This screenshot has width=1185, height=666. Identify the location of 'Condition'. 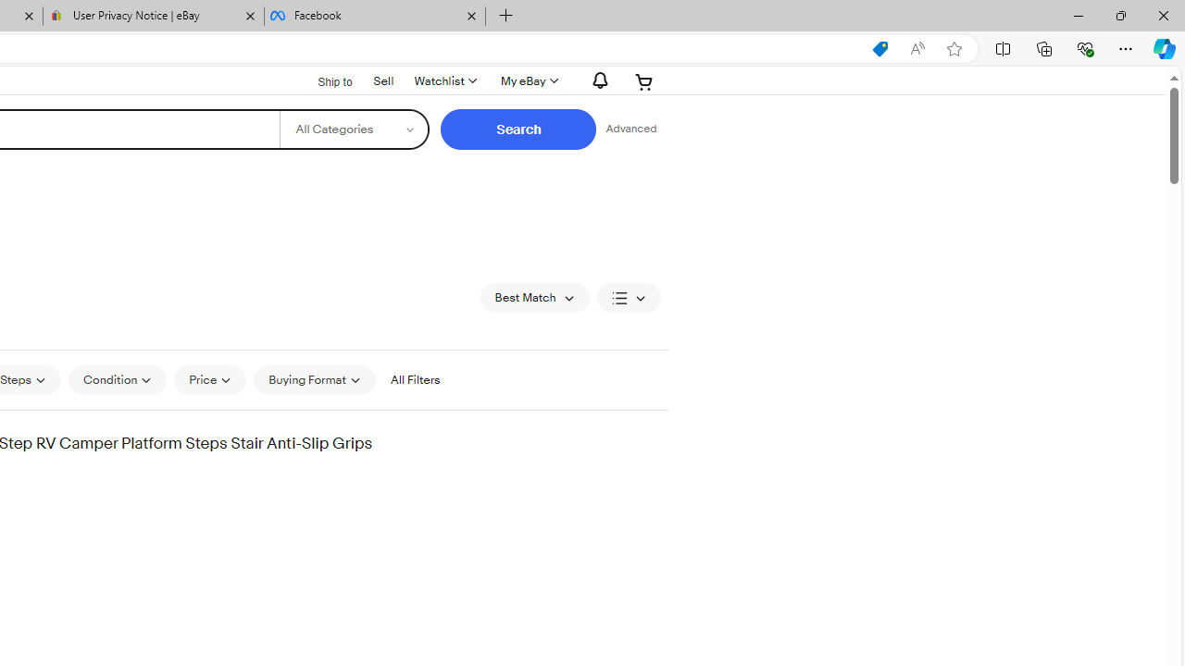
(116, 379).